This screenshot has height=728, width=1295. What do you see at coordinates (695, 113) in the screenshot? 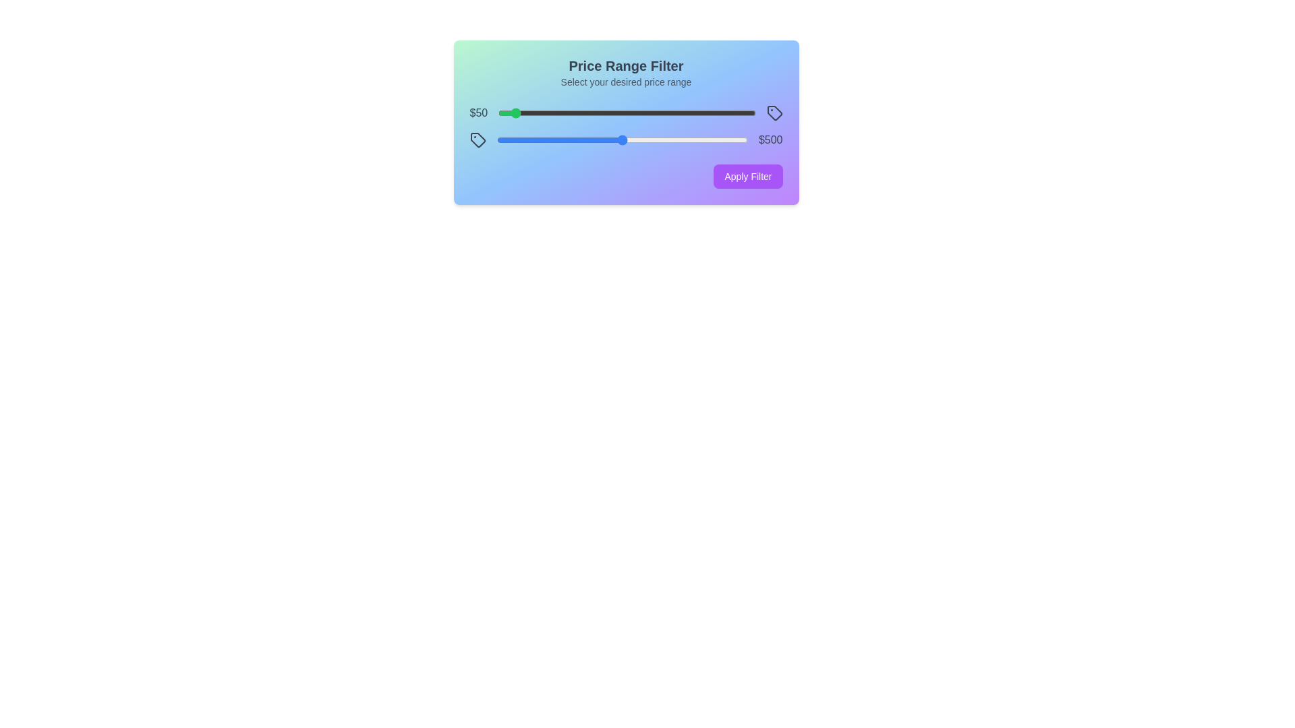
I see `the minimum price slider to 767` at bounding box center [695, 113].